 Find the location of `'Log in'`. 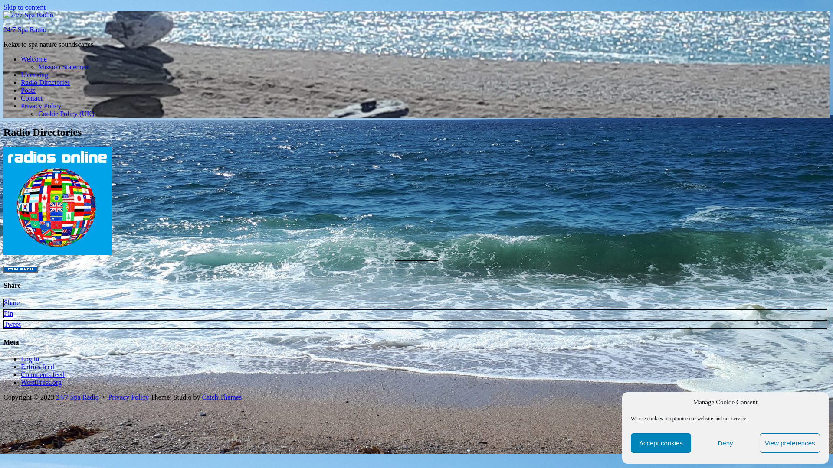

'Log in' is located at coordinates (30, 359).